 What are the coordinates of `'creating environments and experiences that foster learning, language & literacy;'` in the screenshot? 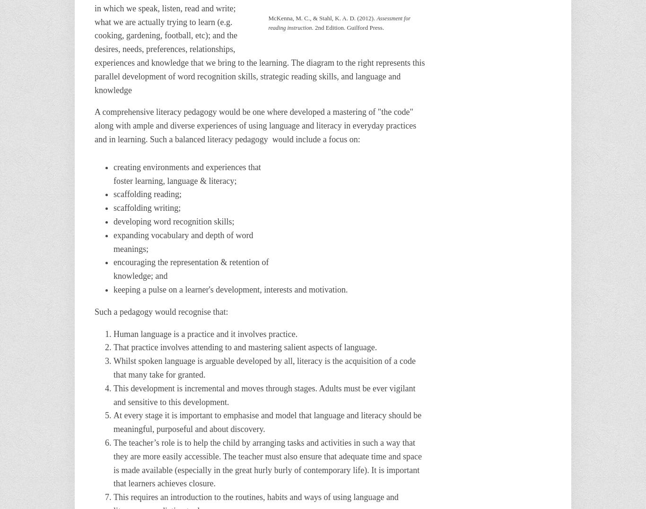 It's located at (186, 173).